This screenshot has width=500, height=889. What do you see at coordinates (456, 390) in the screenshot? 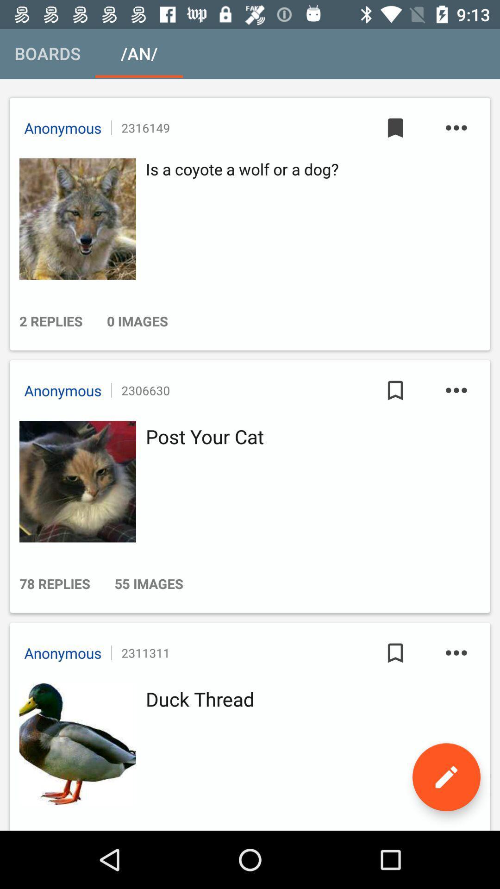
I see `the item above post your cat` at bounding box center [456, 390].